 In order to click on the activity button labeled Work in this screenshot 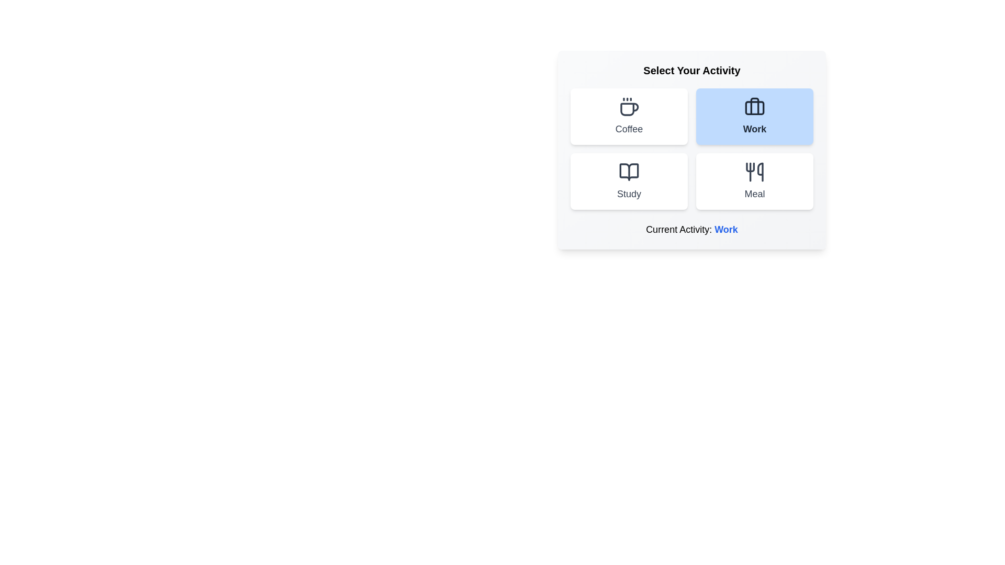, I will do `click(754, 117)`.